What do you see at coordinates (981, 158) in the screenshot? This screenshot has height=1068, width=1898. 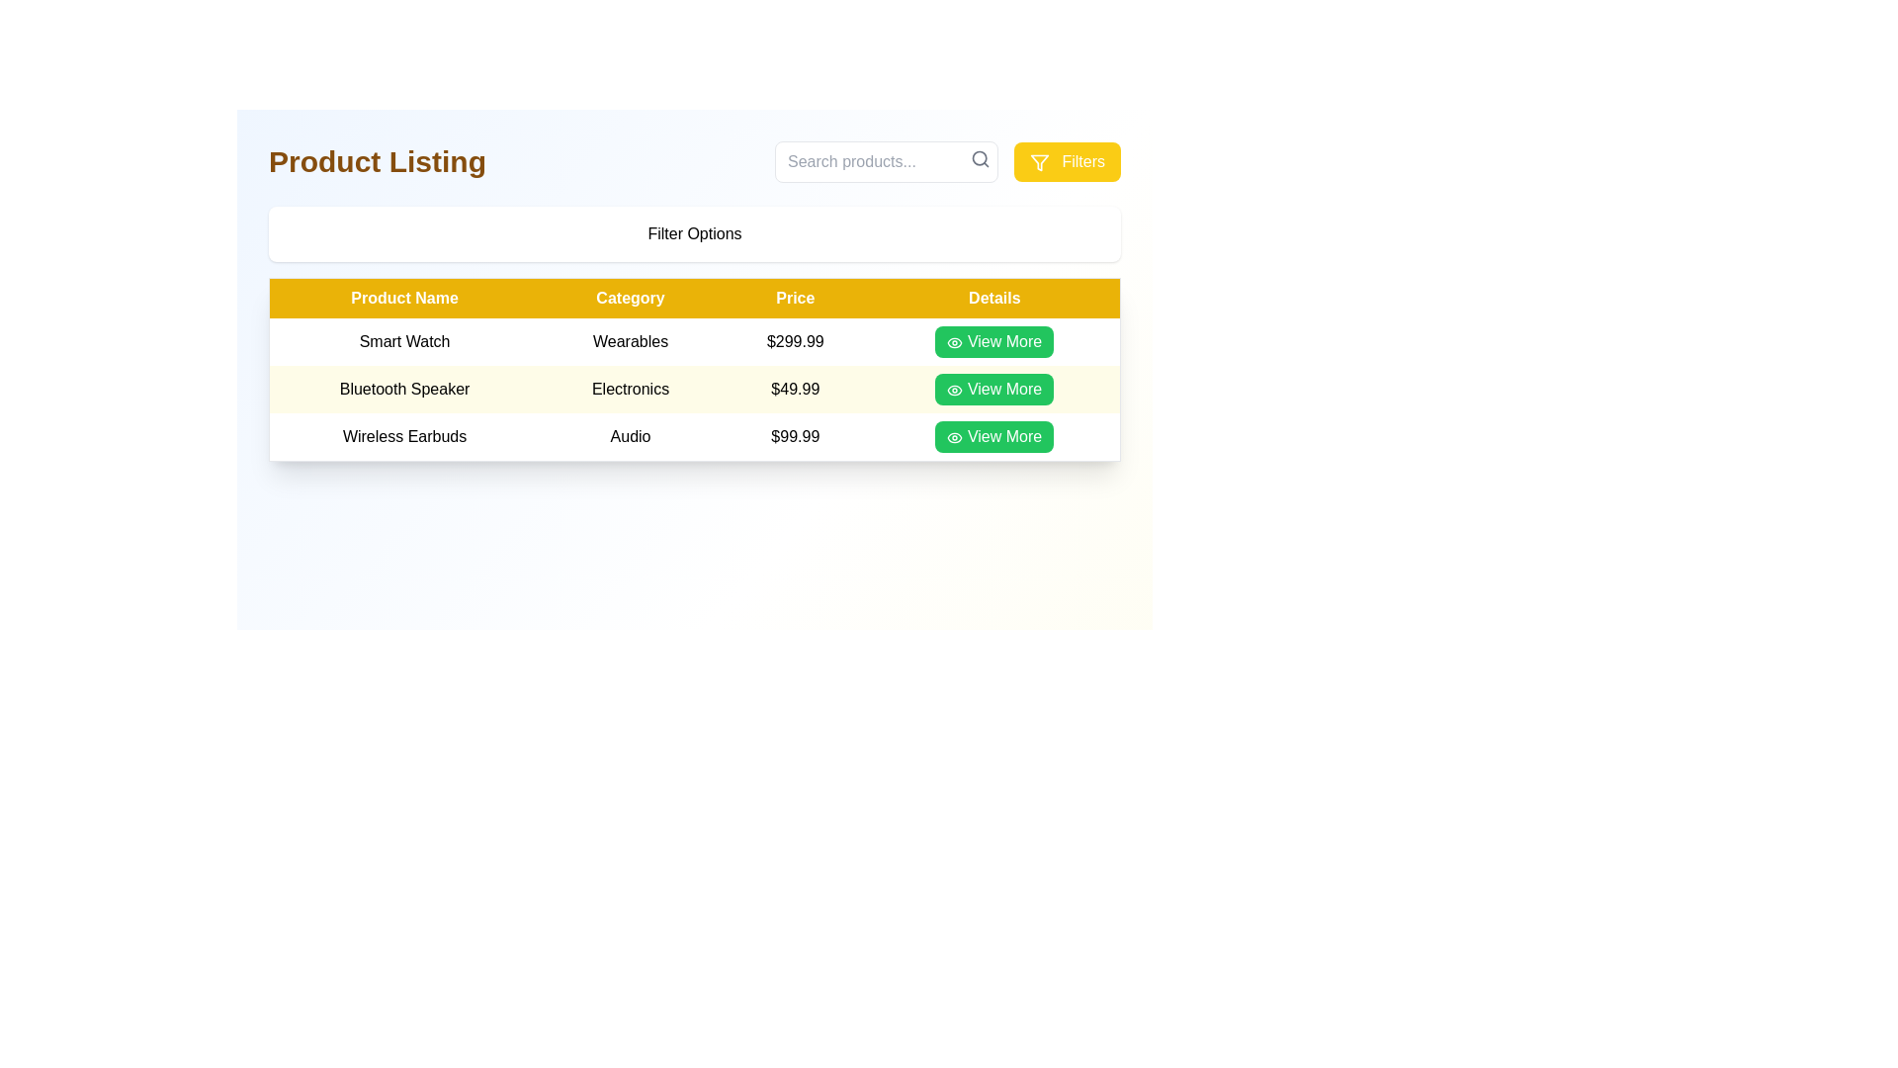 I see `the magnifying glass icon in the top-right corner of the 'Search products...' input box to initiate a search` at bounding box center [981, 158].